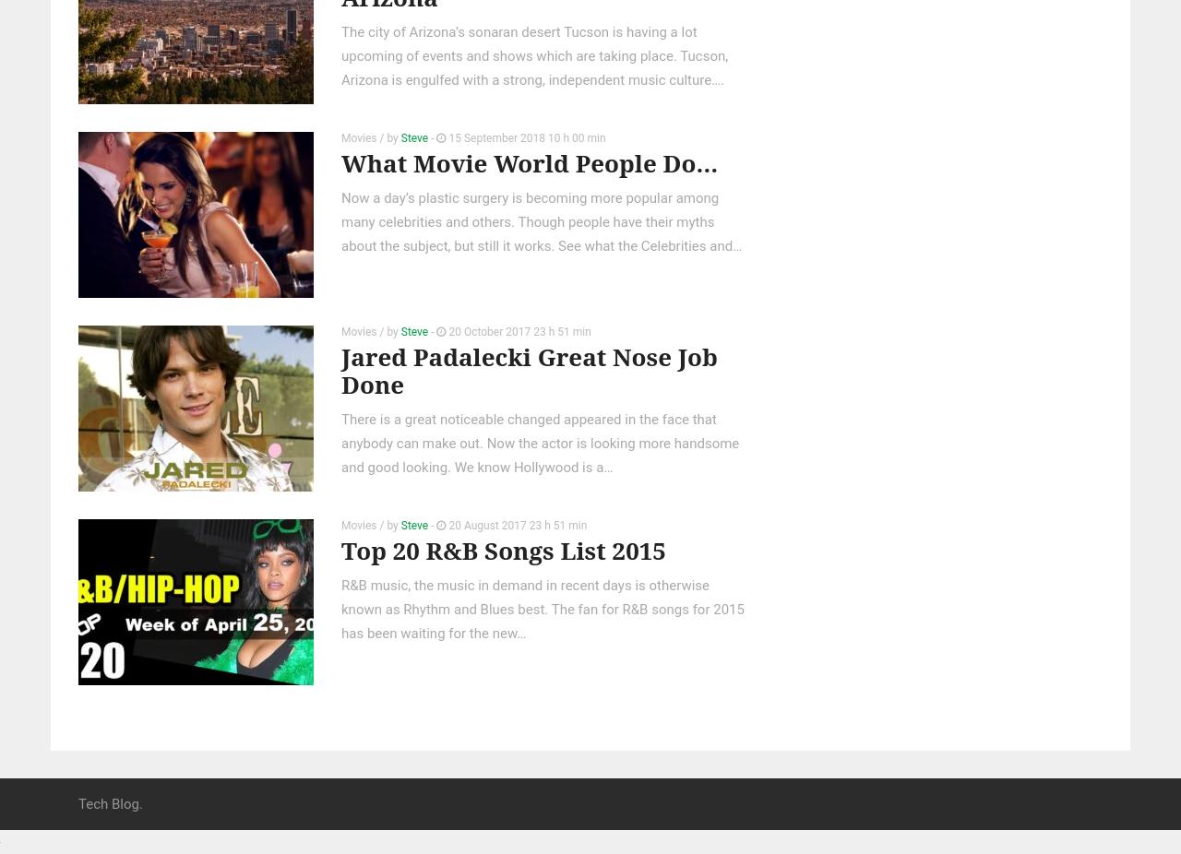 This screenshot has height=854, width=1181. I want to click on '20 August 2017 23 h 51 min', so click(516, 524).